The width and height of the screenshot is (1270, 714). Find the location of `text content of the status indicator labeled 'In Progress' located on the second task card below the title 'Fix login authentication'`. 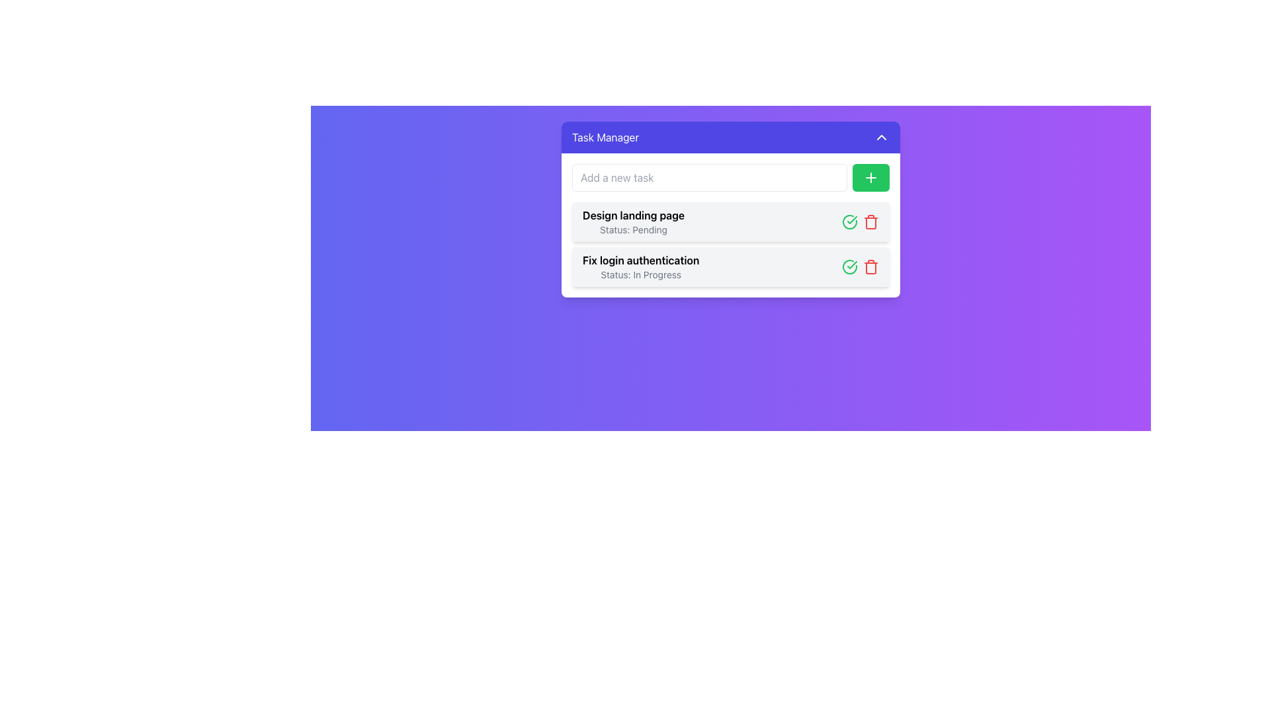

text content of the status indicator labeled 'In Progress' located on the second task card below the title 'Fix login authentication' is located at coordinates (641, 274).